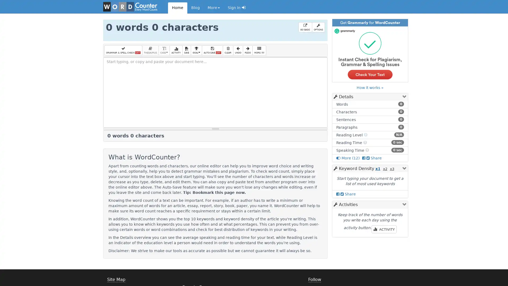 The width and height of the screenshot is (508, 286). What do you see at coordinates (176, 50) in the screenshot?
I see `ACTIVITY` at bounding box center [176, 50].